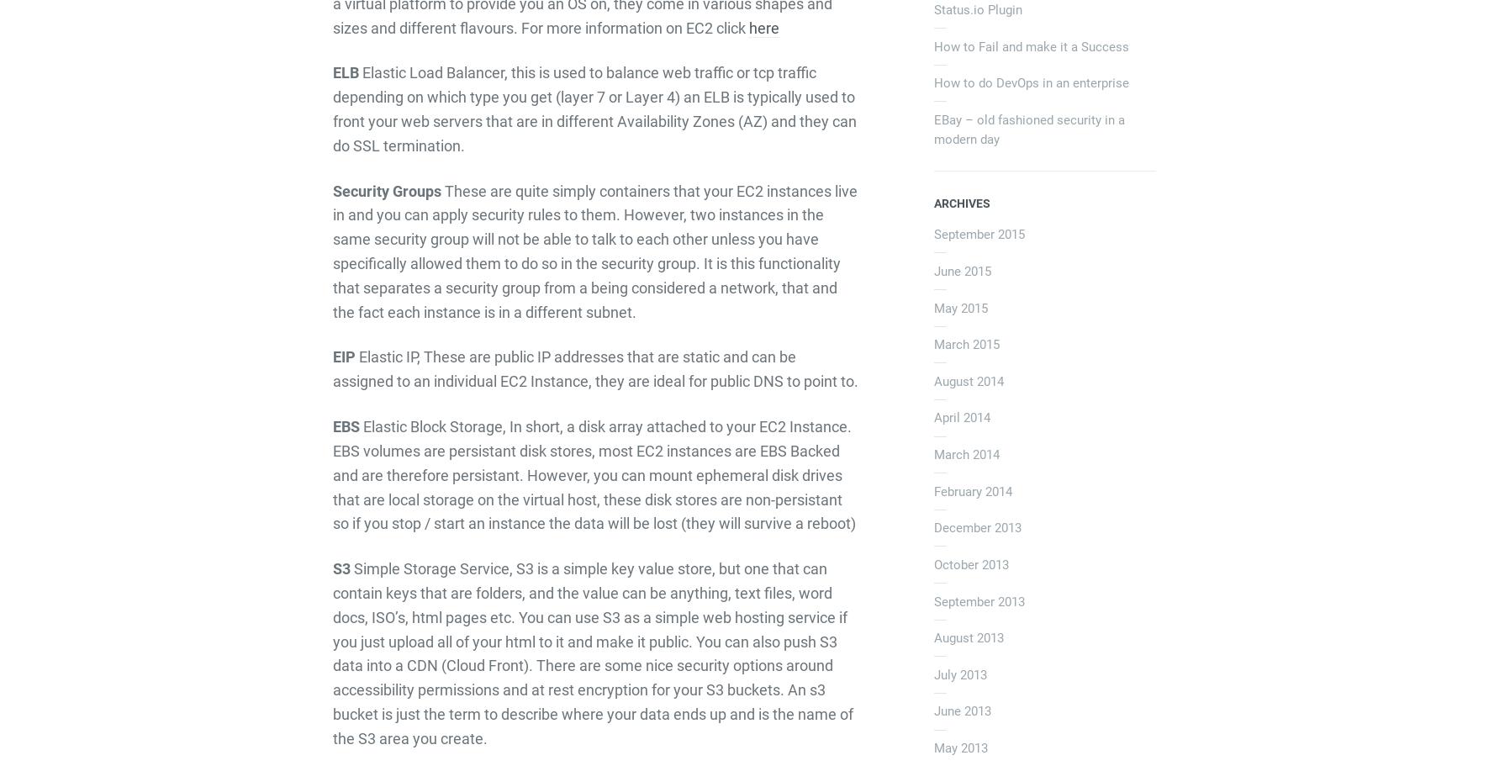  Describe the element at coordinates (966, 344) in the screenshot. I see `'March 2015'` at that location.